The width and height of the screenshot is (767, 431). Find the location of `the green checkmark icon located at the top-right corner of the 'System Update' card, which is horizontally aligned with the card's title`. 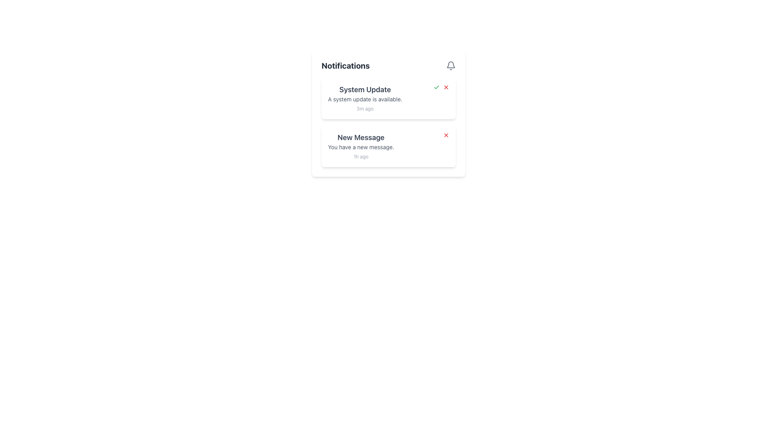

the green checkmark icon located at the top-right corner of the 'System Update' card, which is horizontally aligned with the card's title is located at coordinates (441, 87).